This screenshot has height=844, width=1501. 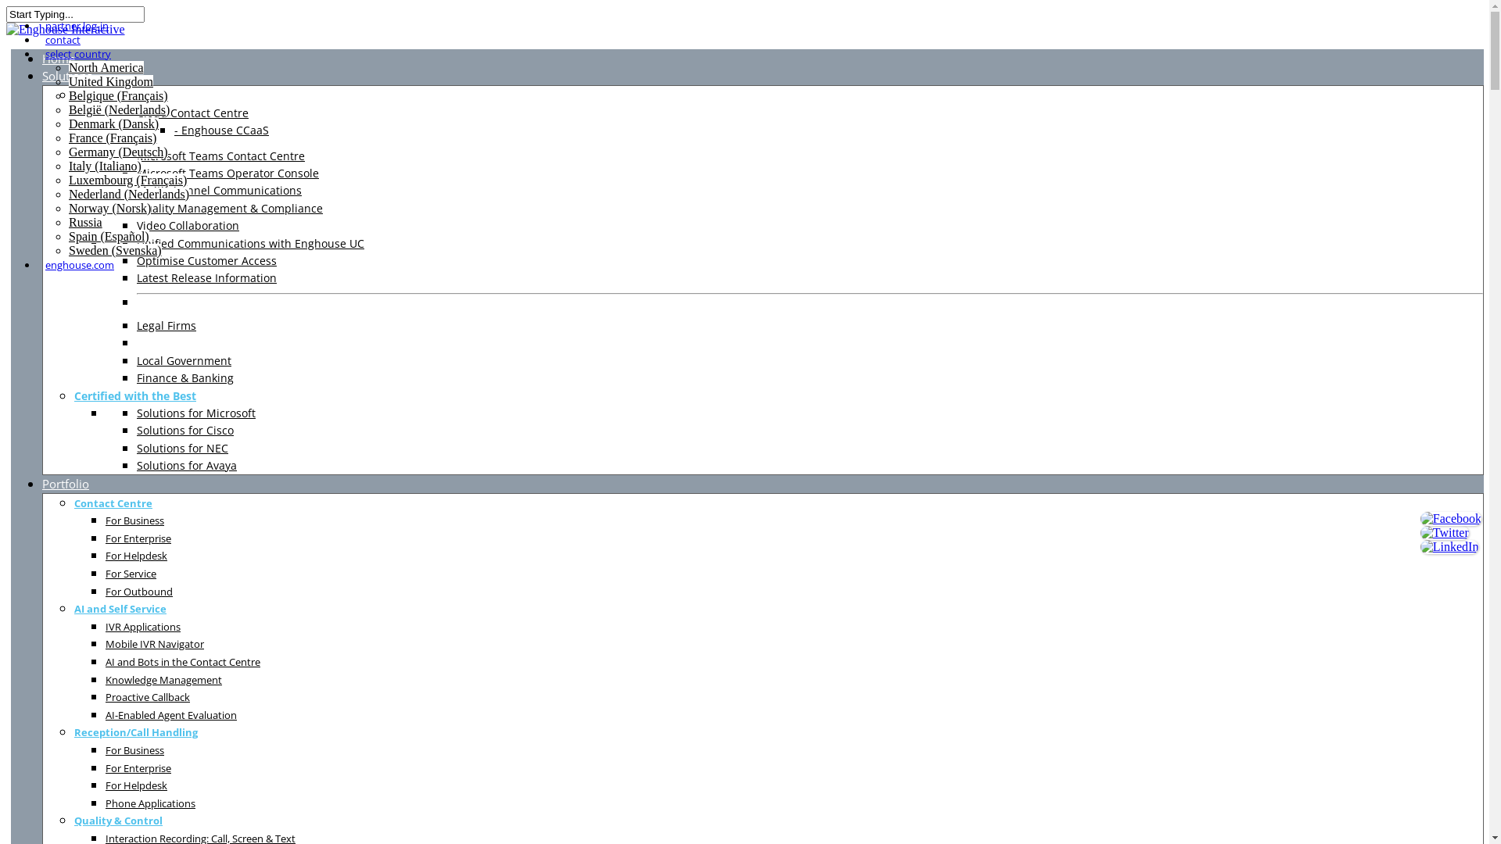 What do you see at coordinates (171, 714) in the screenshot?
I see `'AI-Enabled Agent Evaluation'` at bounding box center [171, 714].